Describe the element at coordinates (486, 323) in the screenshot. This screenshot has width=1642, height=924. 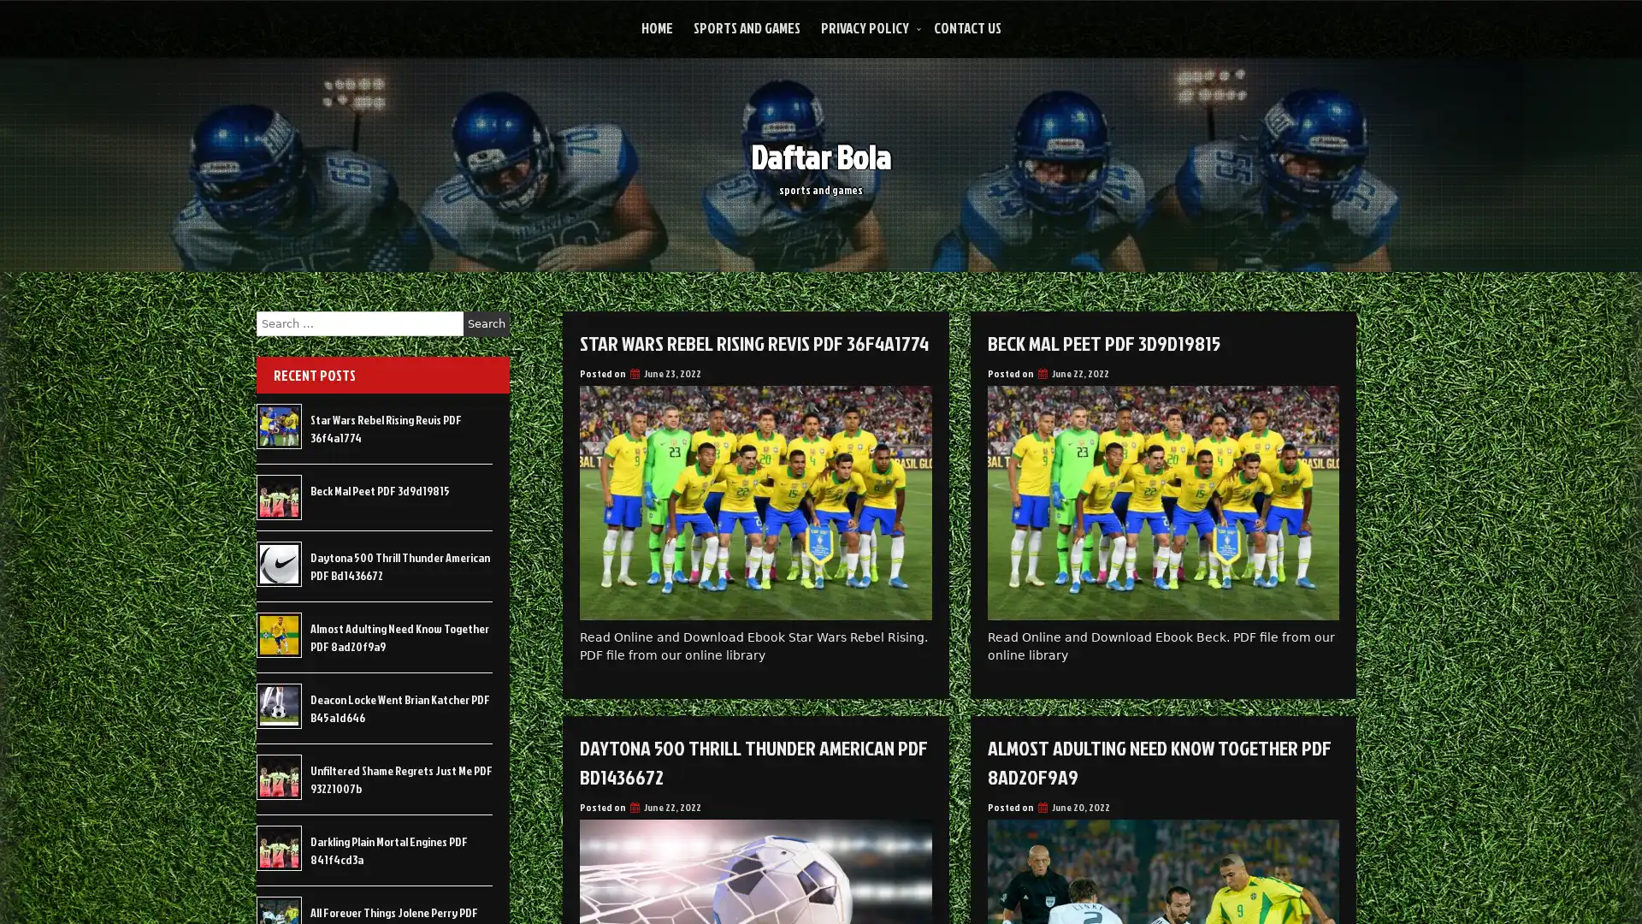
I see `Search` at that location.